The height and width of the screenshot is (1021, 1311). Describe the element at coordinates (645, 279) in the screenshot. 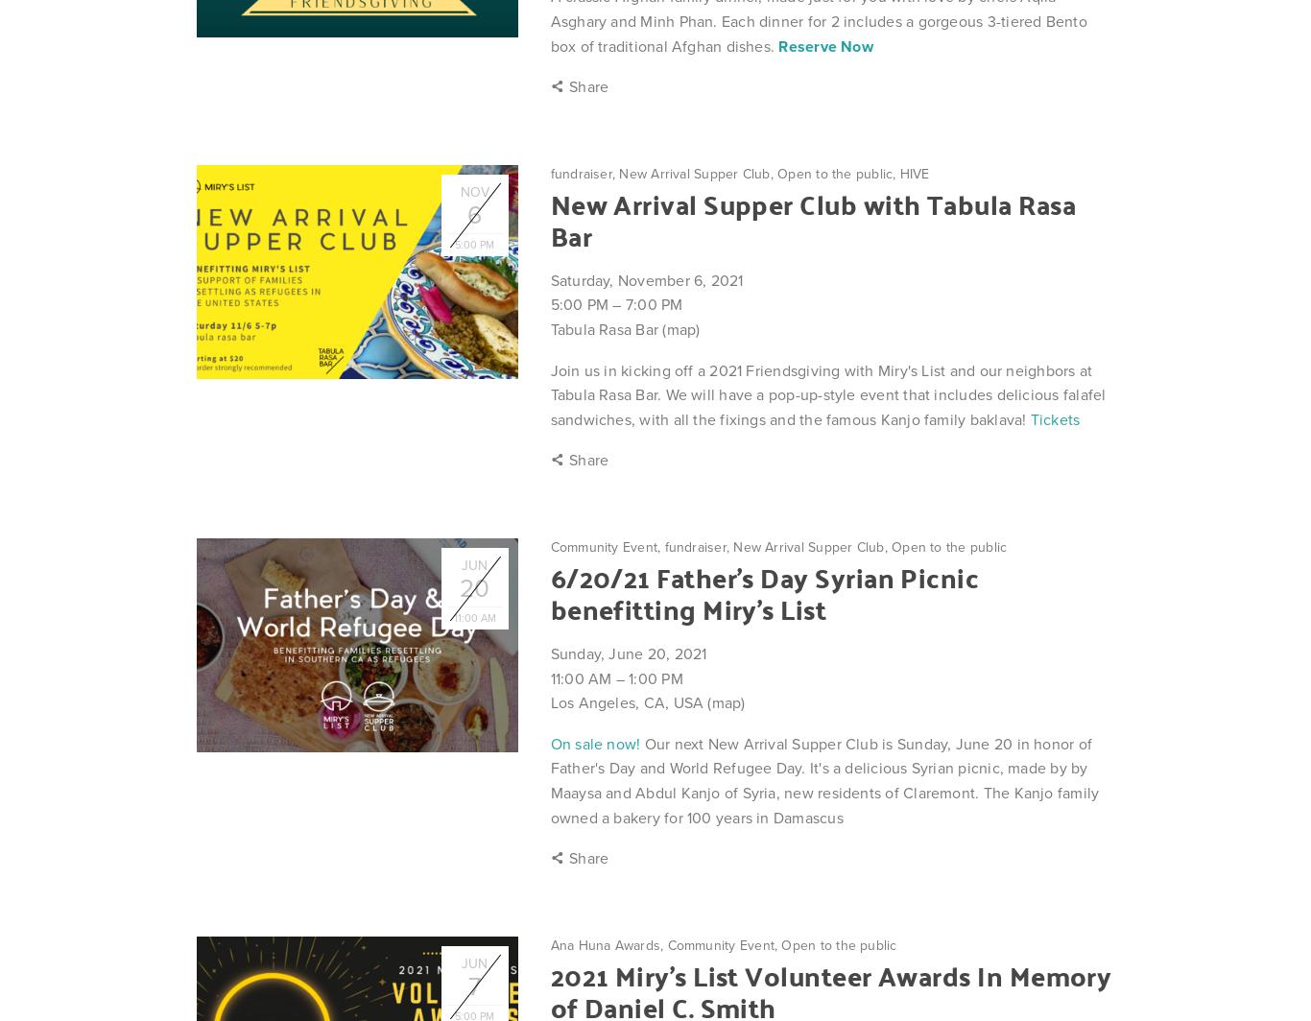

I see `'Saturday, November 6, 2021'` at that location.